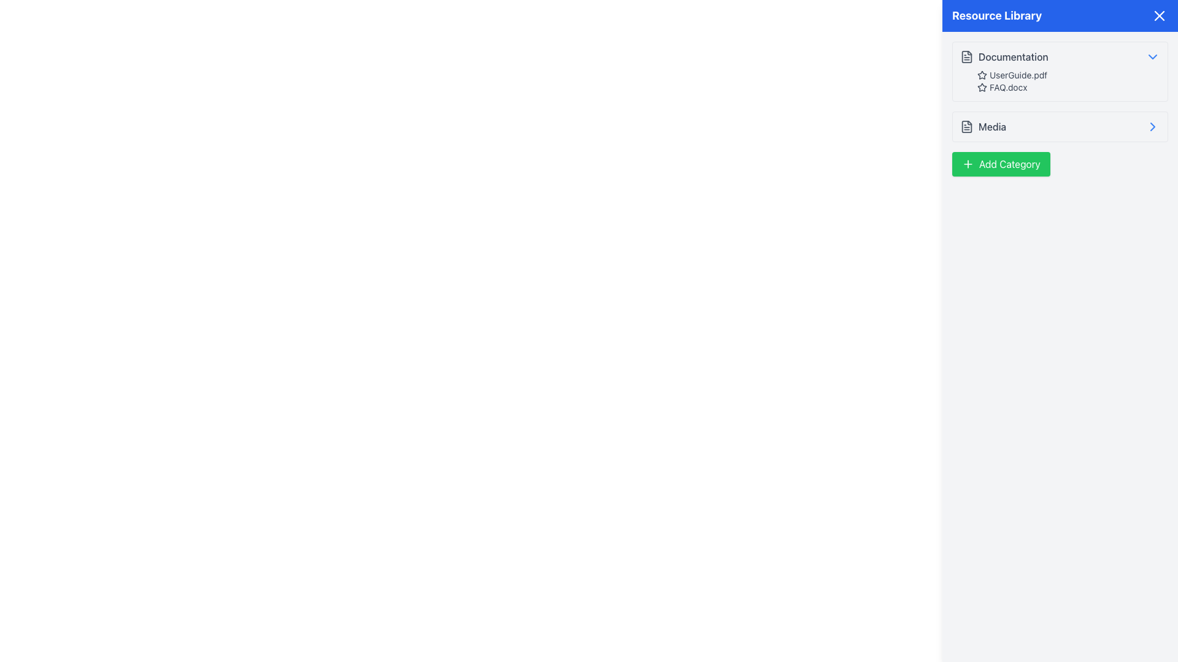  What do you see at coordinates (980, 75) in the screenshot?
I see `the star-shaped icon located in the 'Documentation' section of the 'Resource Library' sidebar` at bounding box center [980, 75].